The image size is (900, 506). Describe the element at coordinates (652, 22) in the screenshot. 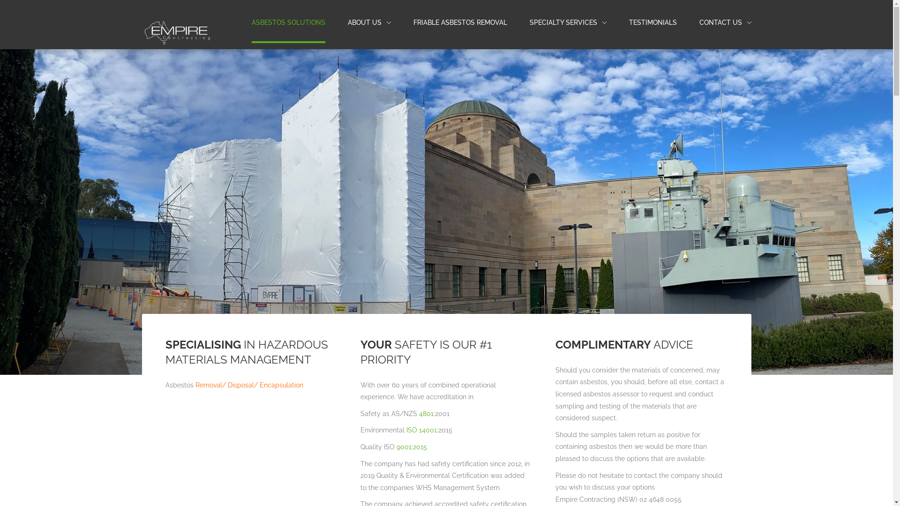

I see `'TESTIMONIALS'` at that location.